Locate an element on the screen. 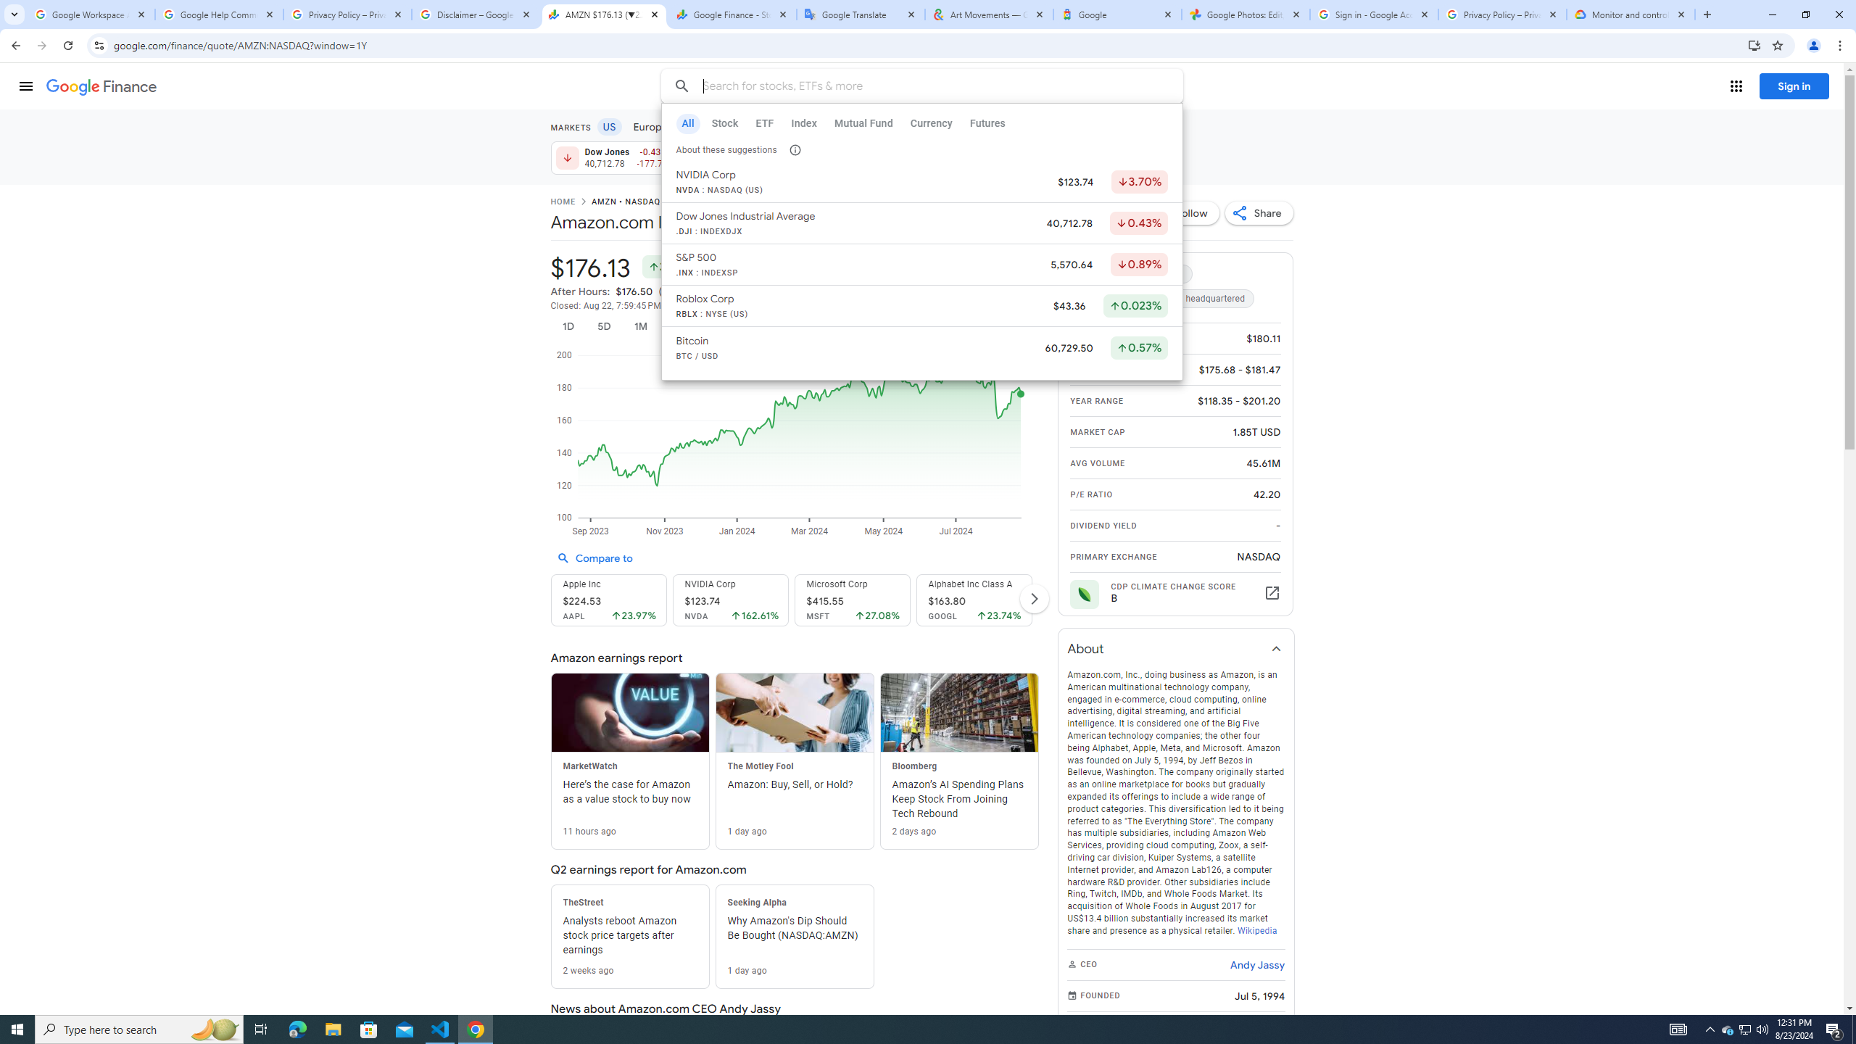 The image size is (1856, 1044). 'Currency' is located at coordinates (930, 123).